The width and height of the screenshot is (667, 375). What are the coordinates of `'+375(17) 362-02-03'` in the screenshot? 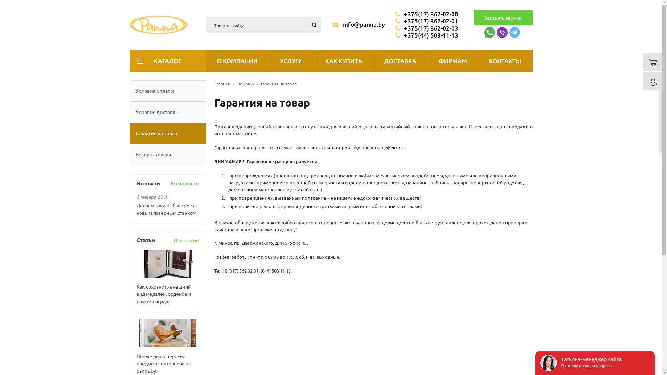 It's located at (426, 28).